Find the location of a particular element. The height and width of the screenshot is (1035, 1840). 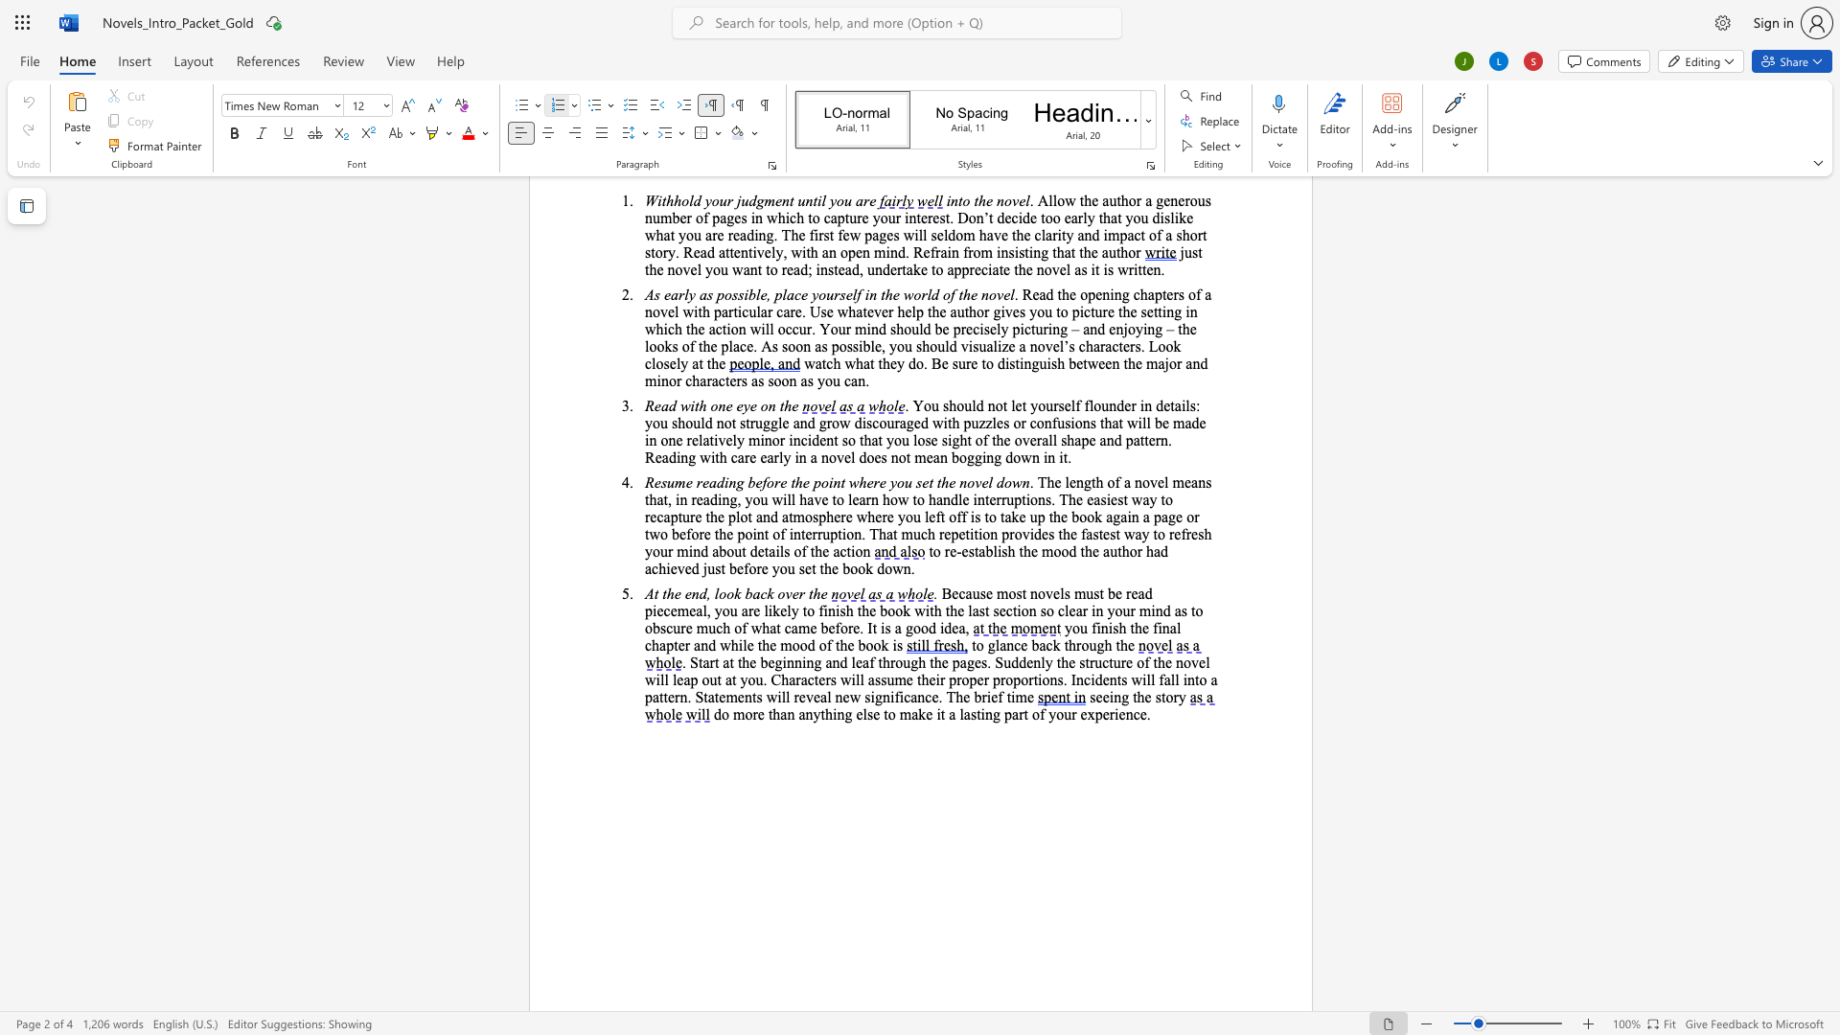

the 1th character "e" in the text is located at coordinates (749, 645).